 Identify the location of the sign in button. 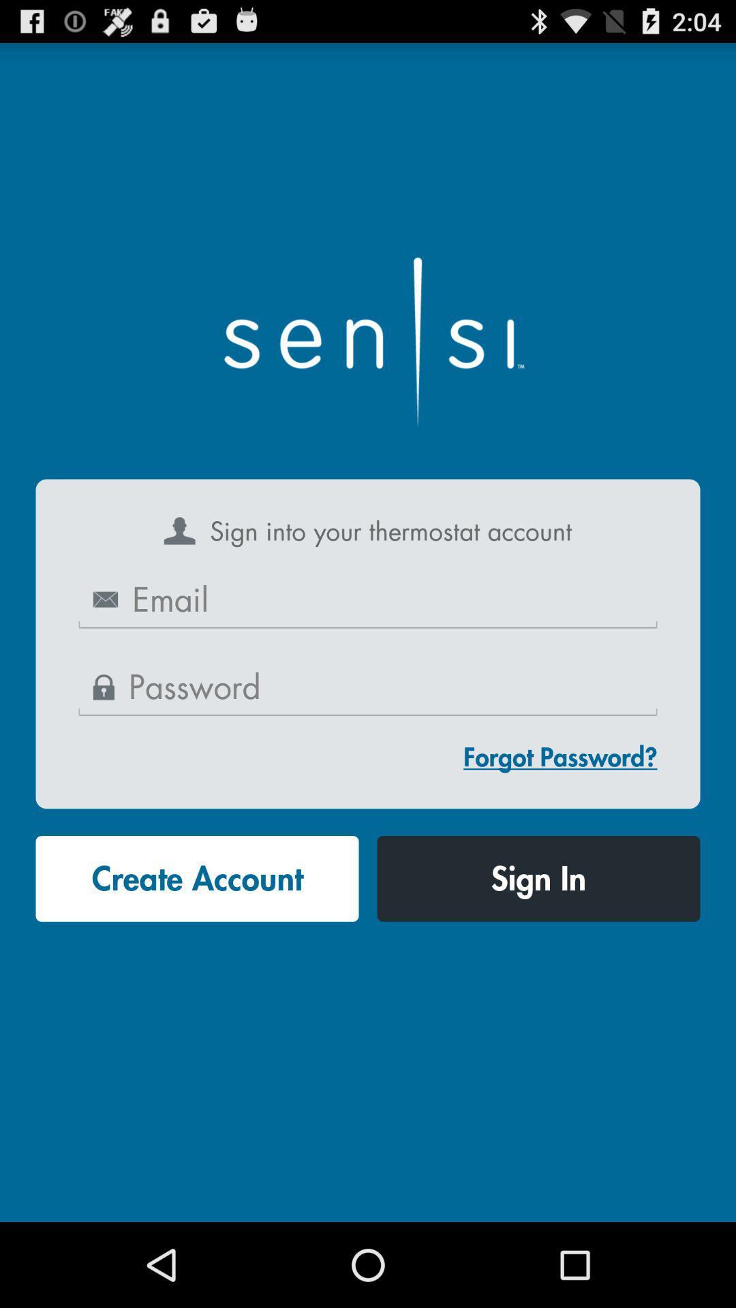
(538, 879).